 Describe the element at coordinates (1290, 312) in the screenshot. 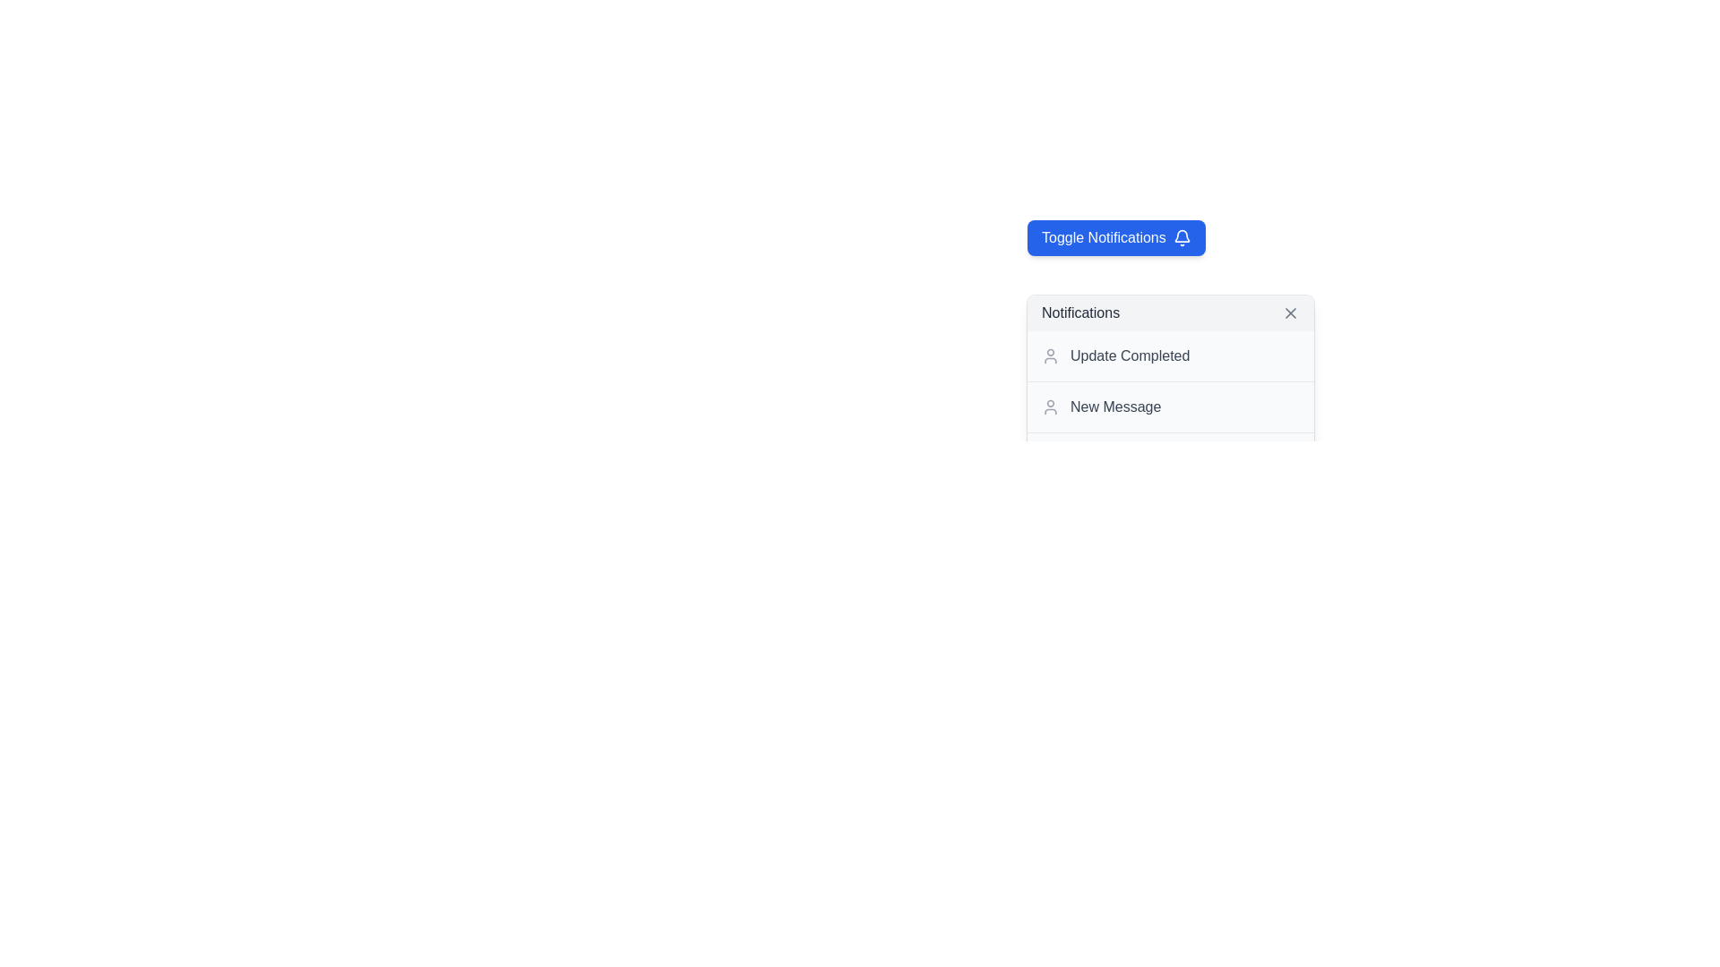

I see `the close icon in the top-right corner of the notification dropdown` at that location.